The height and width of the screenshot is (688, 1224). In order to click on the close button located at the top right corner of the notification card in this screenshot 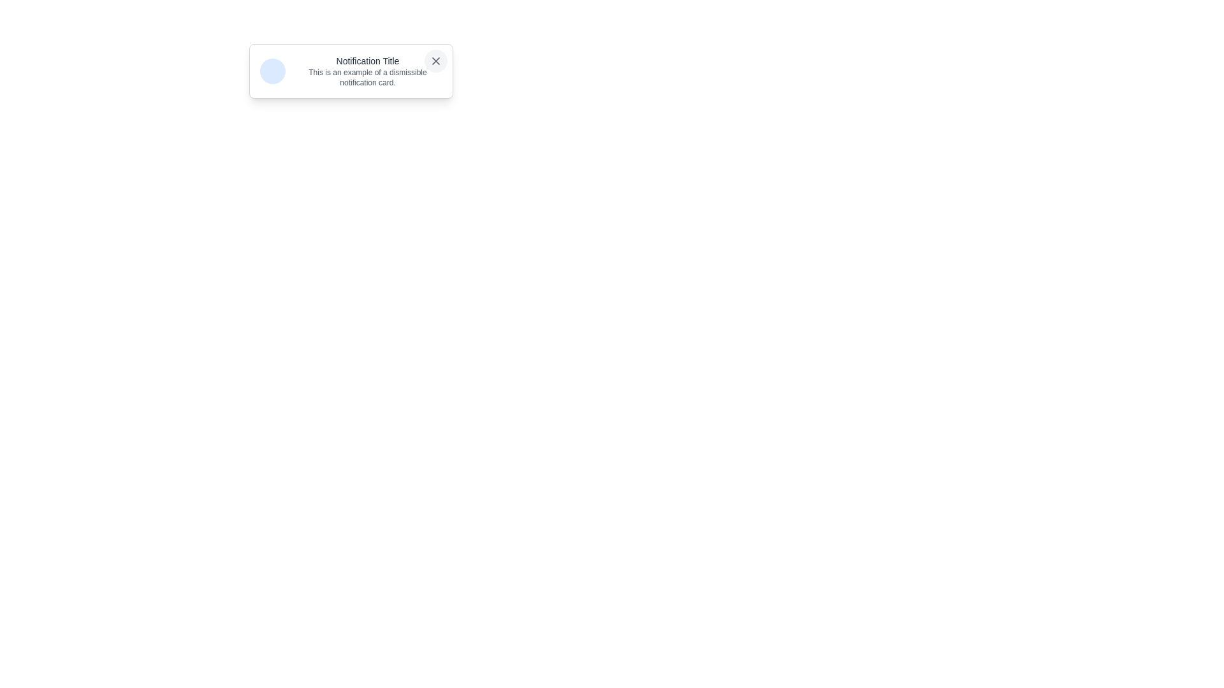, I will do `click(436, 61)`.